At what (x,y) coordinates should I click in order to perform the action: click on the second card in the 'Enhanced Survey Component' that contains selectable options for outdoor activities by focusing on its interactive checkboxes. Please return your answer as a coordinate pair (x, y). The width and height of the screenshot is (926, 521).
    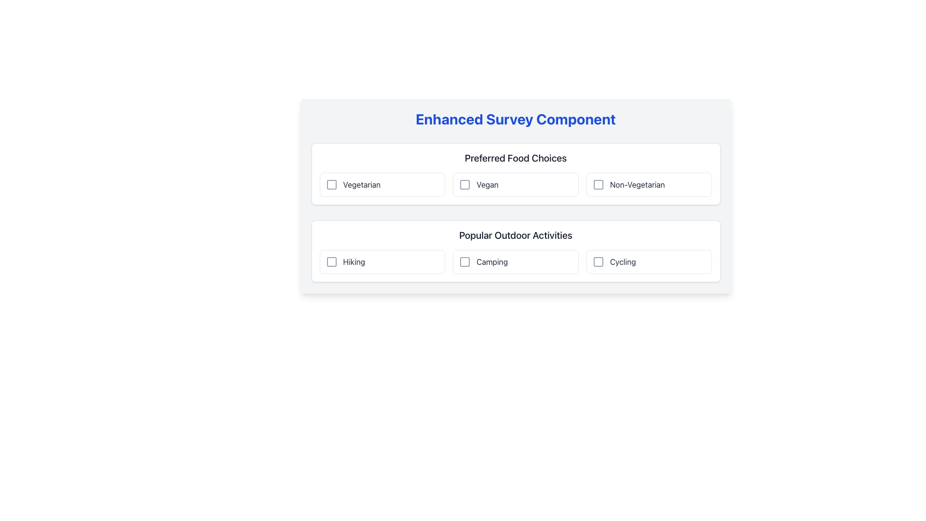
    Looking at the image, I should click on (515, 250).